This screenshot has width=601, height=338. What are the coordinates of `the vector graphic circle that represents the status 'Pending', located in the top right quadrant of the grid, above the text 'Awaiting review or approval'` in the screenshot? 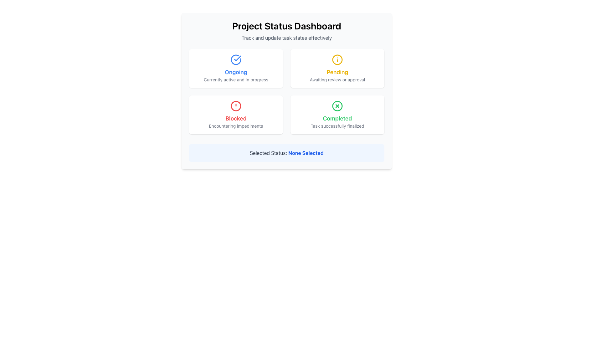 It's located at (337, 60).